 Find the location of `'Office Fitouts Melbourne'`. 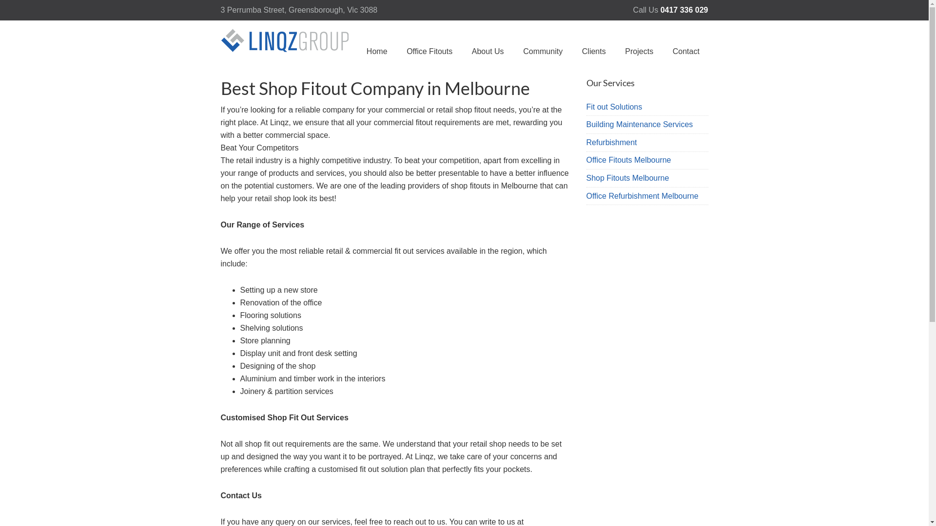

'Office Fitouts Melbourne' is located at coordinates (646, 160).